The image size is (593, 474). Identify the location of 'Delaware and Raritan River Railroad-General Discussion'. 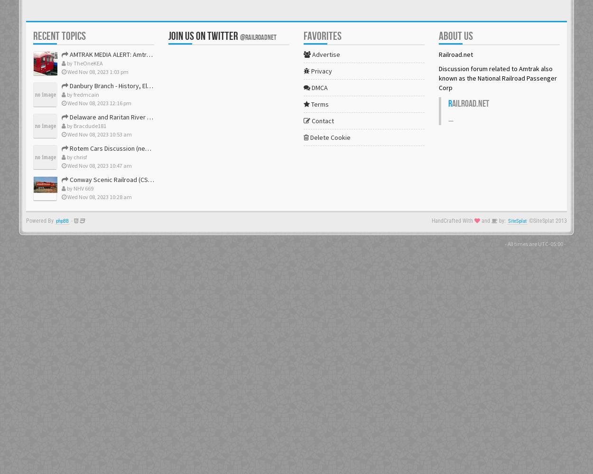
(147, 117).